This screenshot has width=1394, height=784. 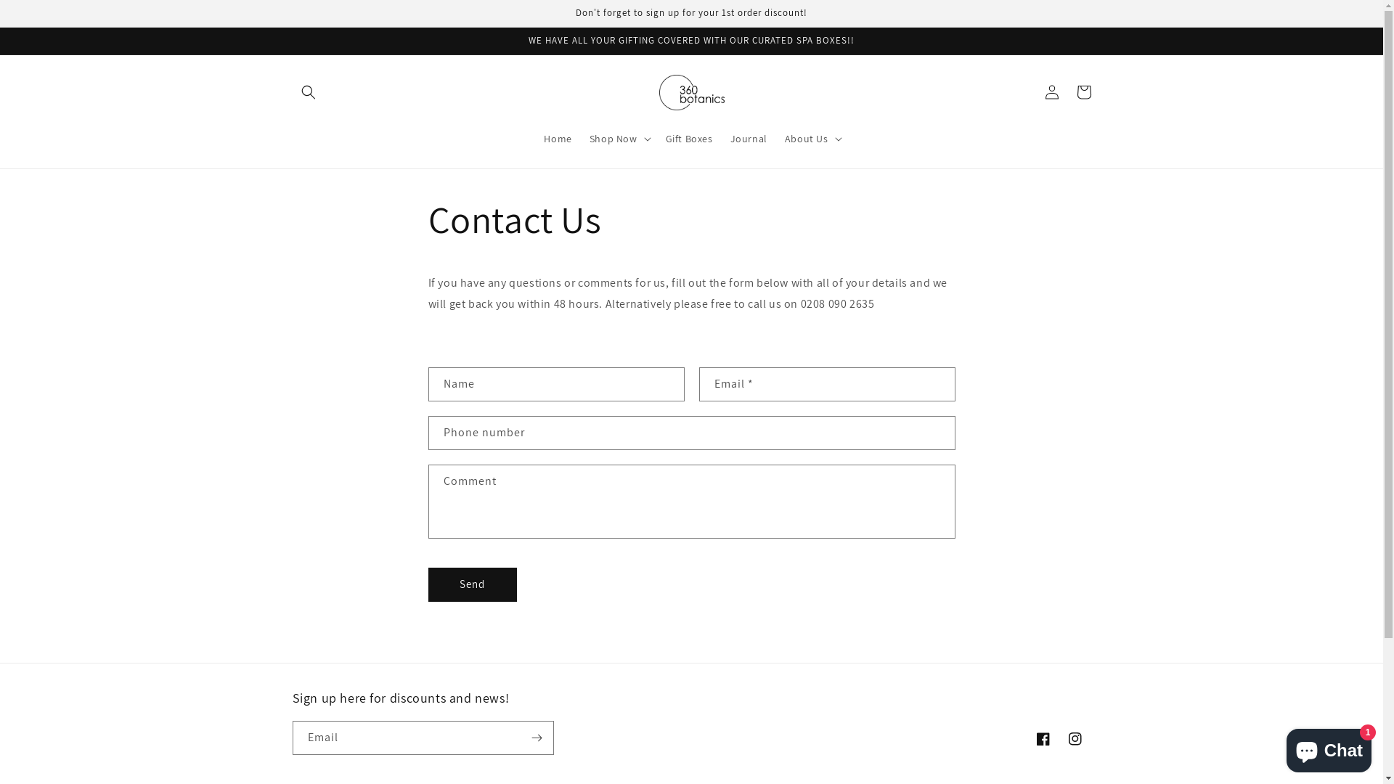 What do you see at coordinates (557, 139) in the screenshot?
I see `'Home'` at bounding box center [557, 139].